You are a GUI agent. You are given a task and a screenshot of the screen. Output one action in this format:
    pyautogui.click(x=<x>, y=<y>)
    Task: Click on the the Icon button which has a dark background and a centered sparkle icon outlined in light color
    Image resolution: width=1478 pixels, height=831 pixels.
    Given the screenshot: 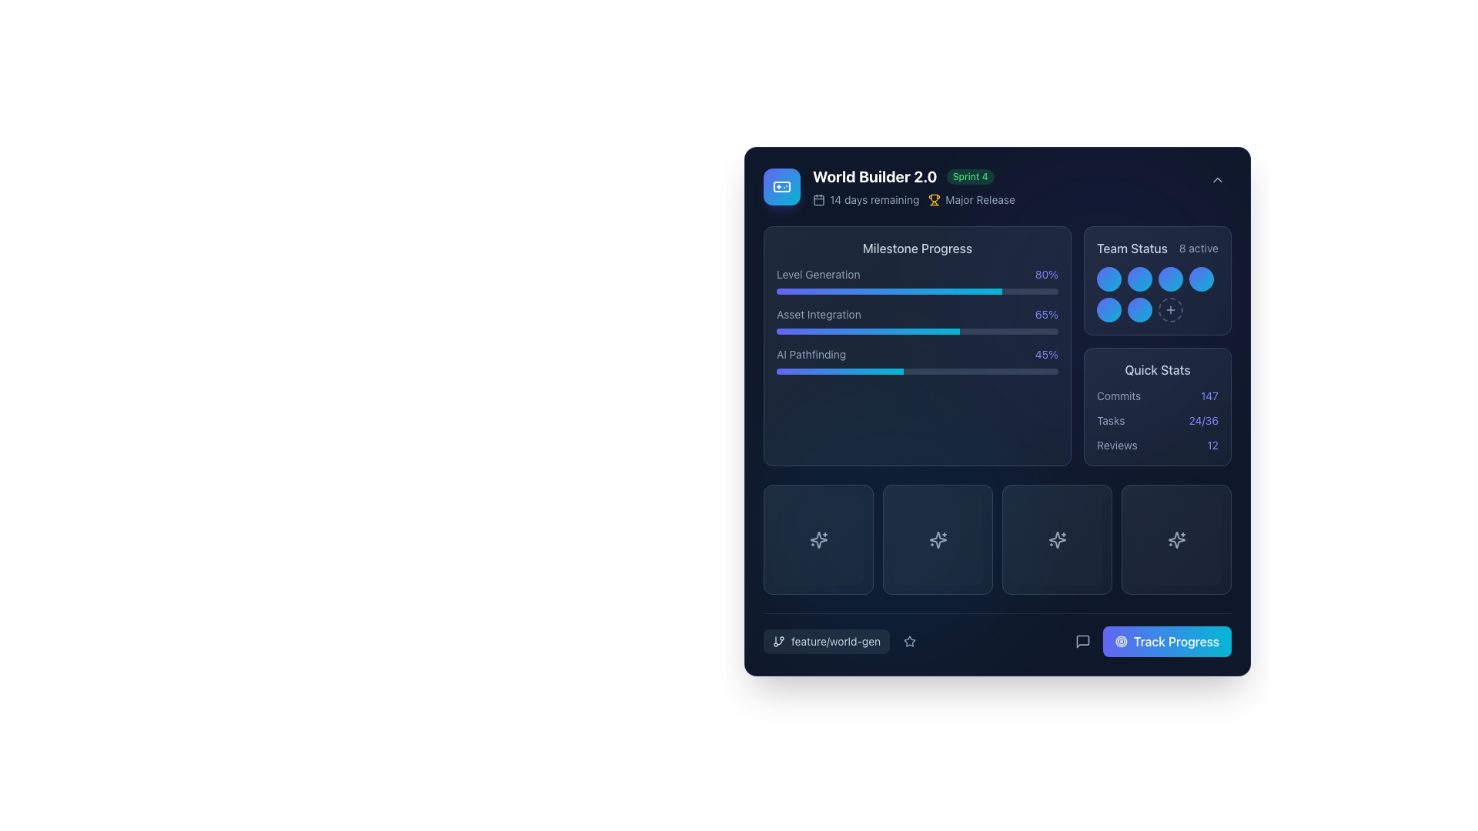 What is the action you would take?
    pyautogui.click(x=1175, y=539)
    